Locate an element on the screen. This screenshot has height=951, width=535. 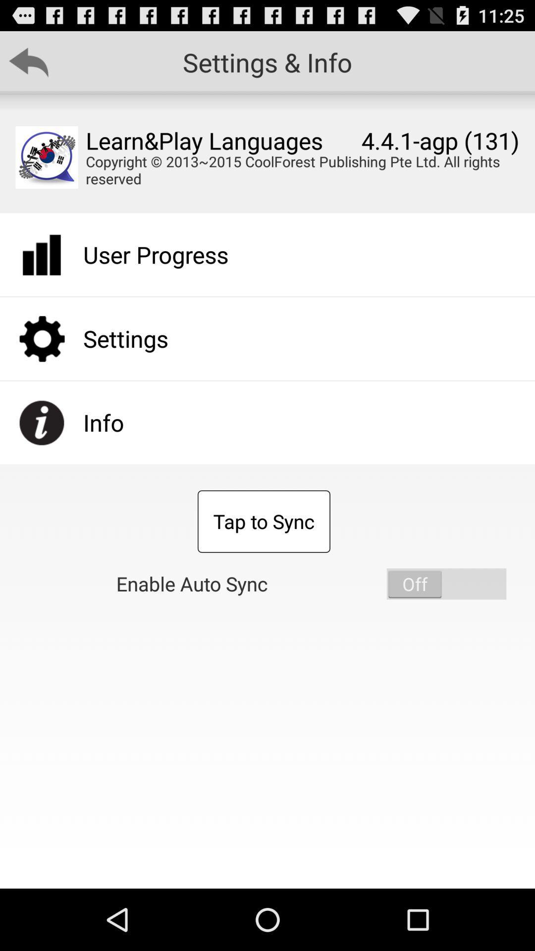
the item next to learn&play languages is located at coordinates (47, 157).